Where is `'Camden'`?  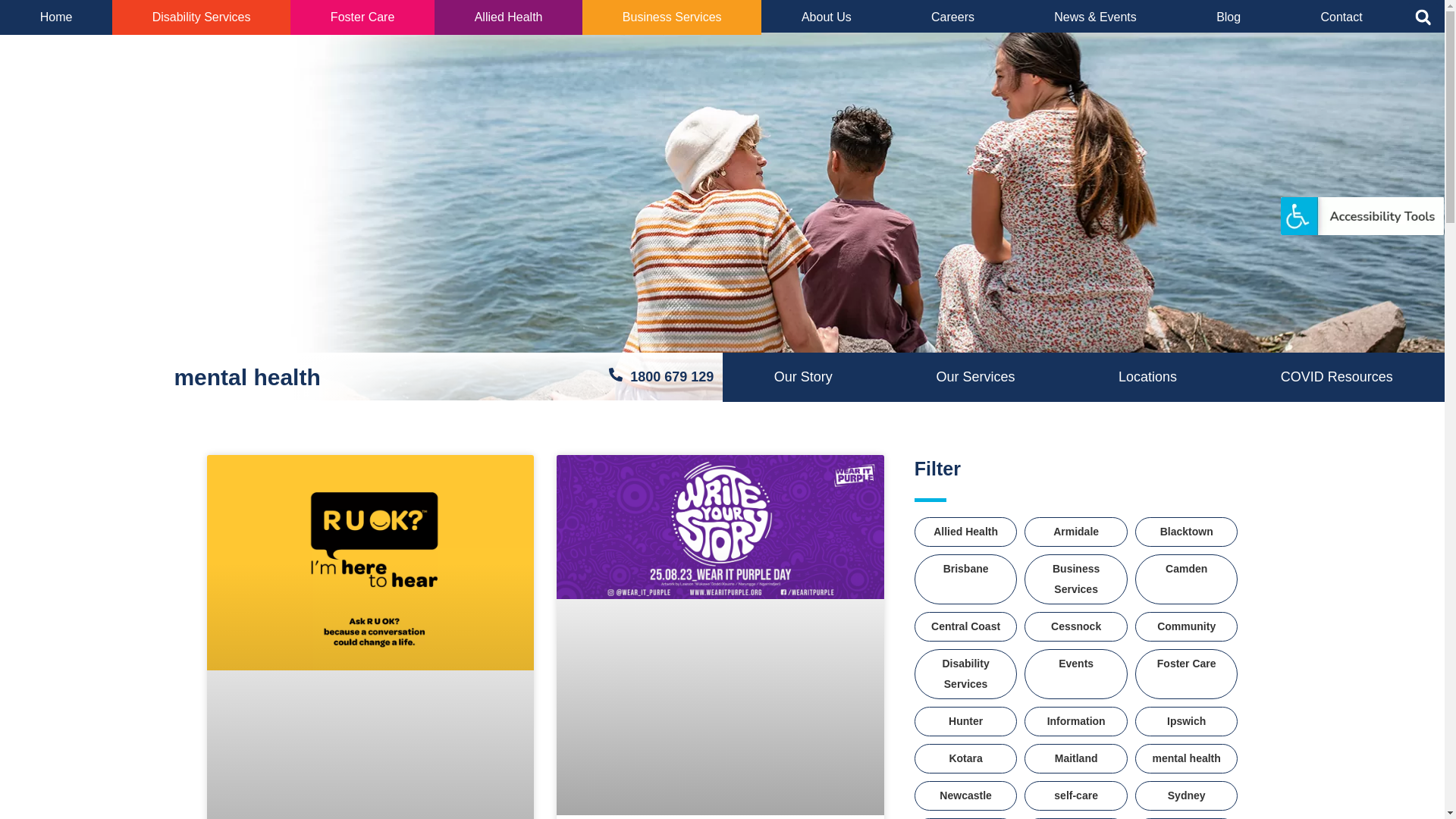
'Camden' is located at coordinates (1185, 569).